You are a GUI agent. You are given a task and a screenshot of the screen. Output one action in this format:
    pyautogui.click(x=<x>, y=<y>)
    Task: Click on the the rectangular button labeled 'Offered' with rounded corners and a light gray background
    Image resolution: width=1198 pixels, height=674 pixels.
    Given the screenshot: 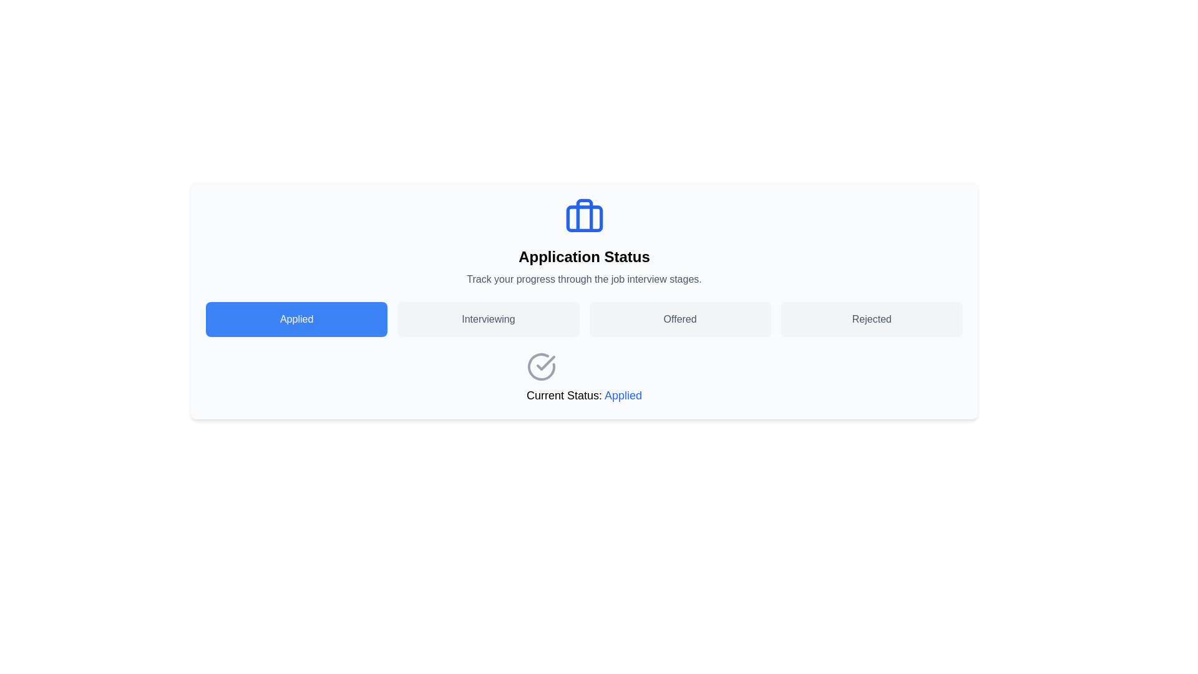 What is the action you would take?
    pyautogui.click(x=679, y=319)
    